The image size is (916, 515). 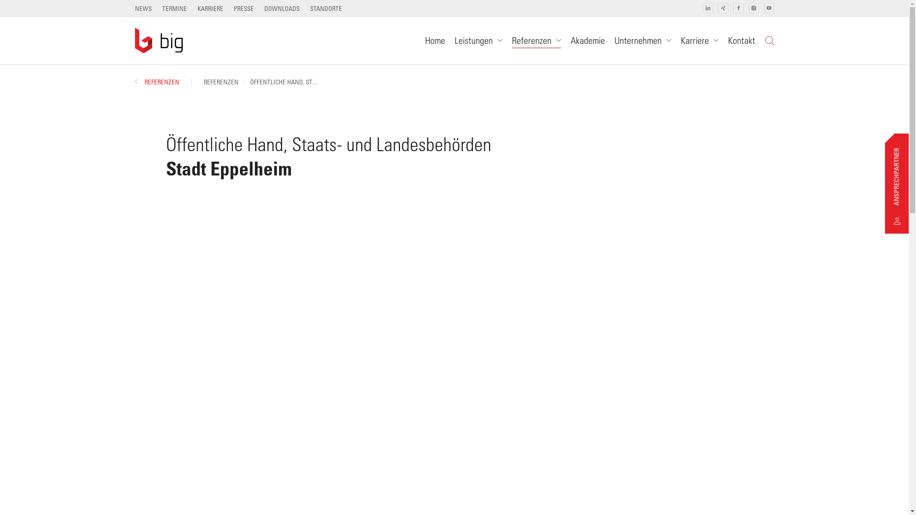 I want to click on 'DOWNLOADS', so click(x=281, y=8).